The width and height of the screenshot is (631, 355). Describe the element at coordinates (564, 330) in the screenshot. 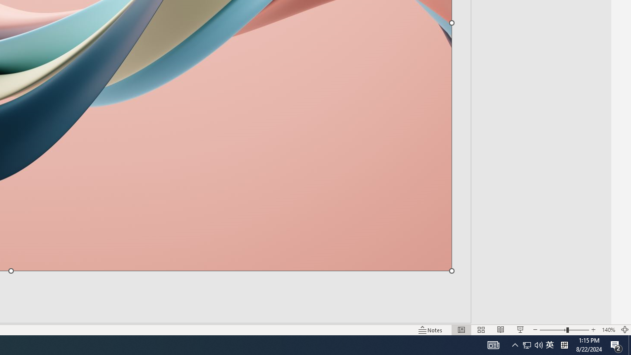

I see `'Zoom'` at that location.